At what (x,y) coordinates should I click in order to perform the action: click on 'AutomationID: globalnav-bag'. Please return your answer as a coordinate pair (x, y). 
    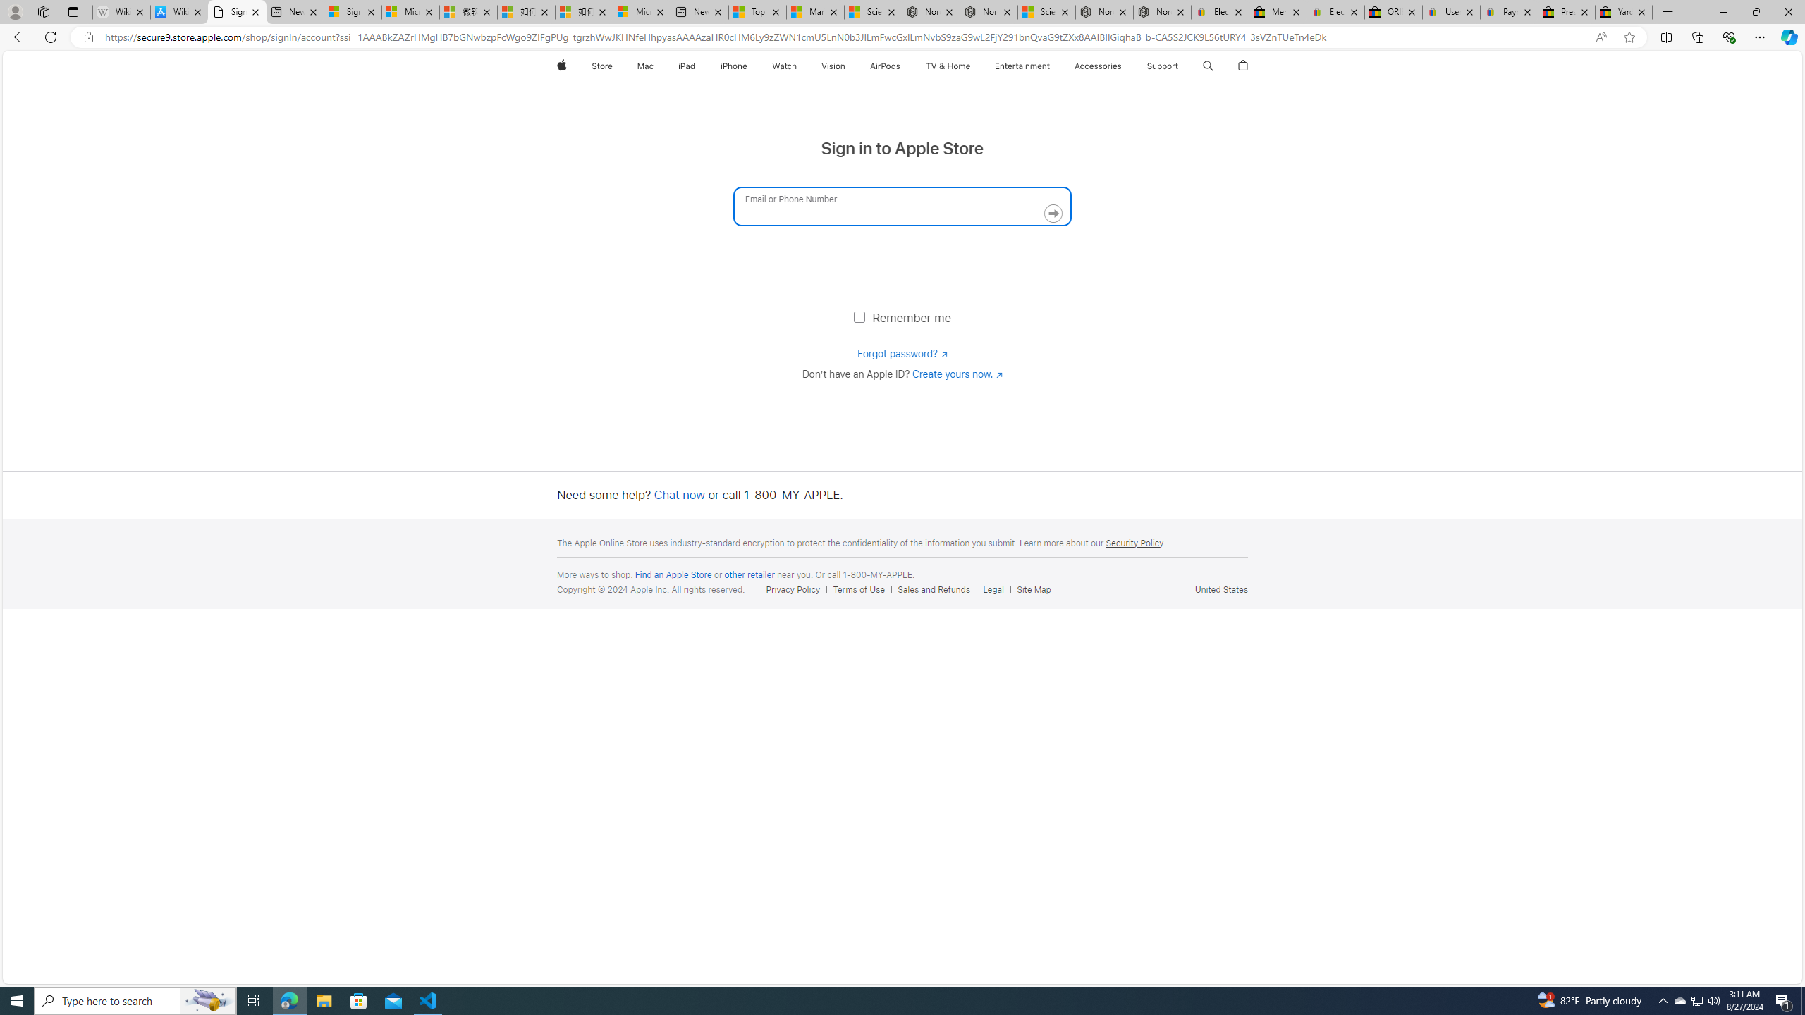
    Looking at the image, I should click on (1242, 66).